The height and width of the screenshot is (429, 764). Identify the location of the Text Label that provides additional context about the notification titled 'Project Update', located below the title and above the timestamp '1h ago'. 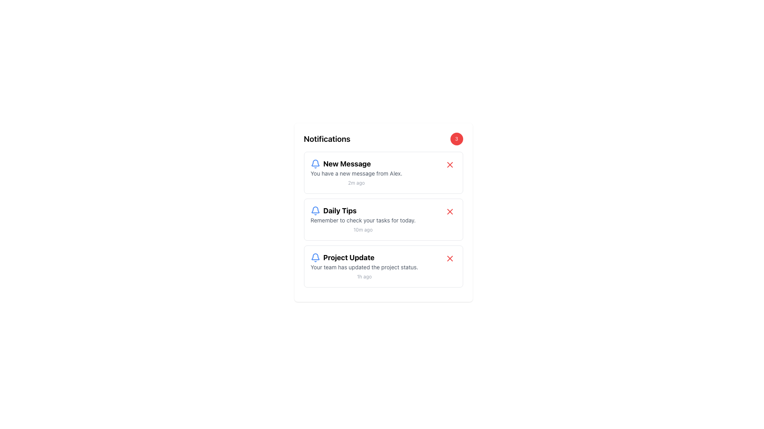
(364, 267).